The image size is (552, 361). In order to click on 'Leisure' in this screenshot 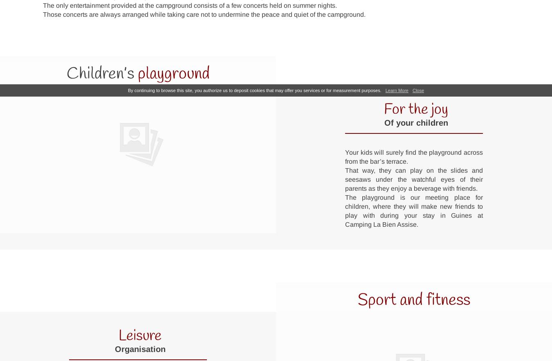, I will do `click(140, 336)`.